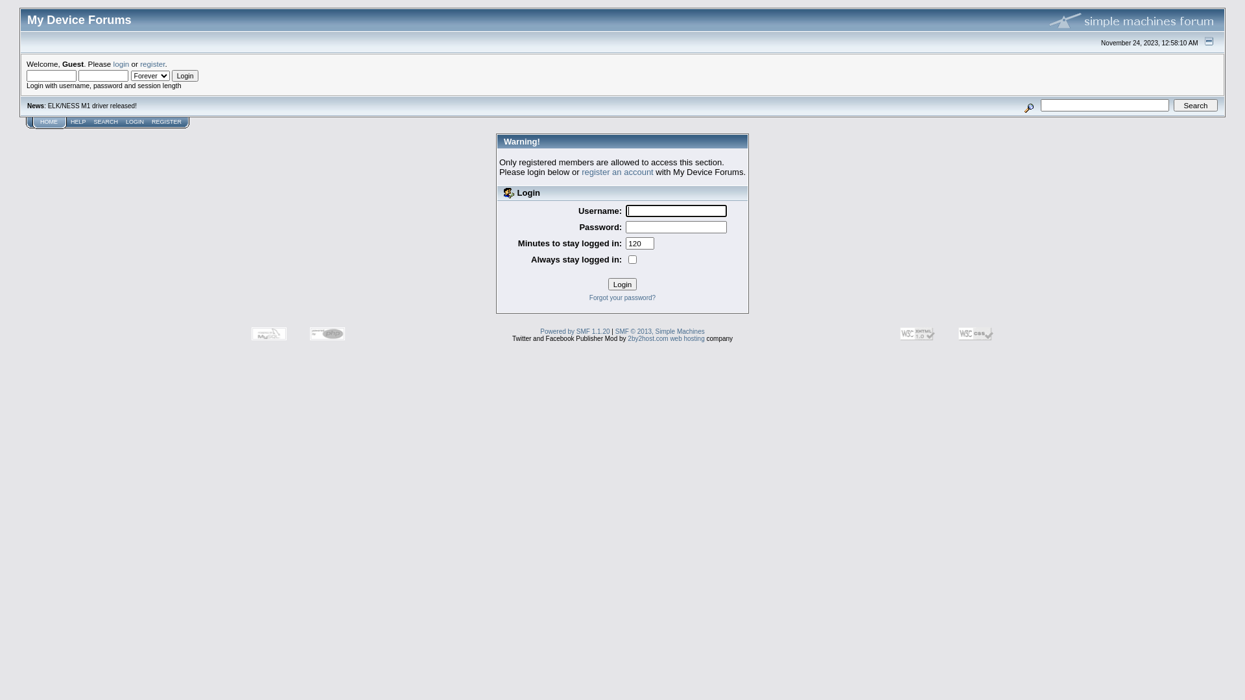  I want to click on 'Powered by SMF 1.1.20', so click(574, 331).